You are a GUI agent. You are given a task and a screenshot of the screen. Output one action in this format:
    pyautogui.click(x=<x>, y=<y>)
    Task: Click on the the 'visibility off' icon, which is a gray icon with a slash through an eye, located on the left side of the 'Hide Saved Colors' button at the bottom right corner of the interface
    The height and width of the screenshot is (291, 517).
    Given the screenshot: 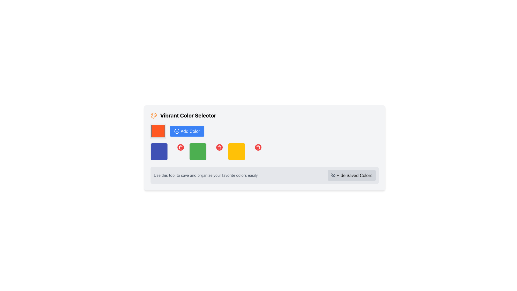 What is the action you would take?
    pyautogui.click(x=333, y=175)
    